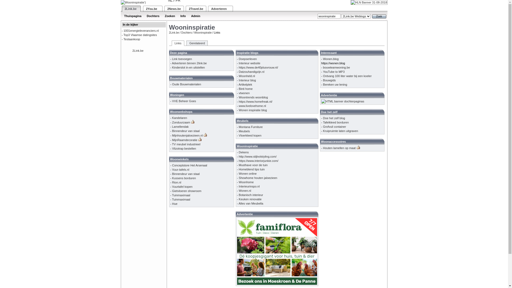  I want to click on 'MijnRaamdecoratie', so click(185, 139).